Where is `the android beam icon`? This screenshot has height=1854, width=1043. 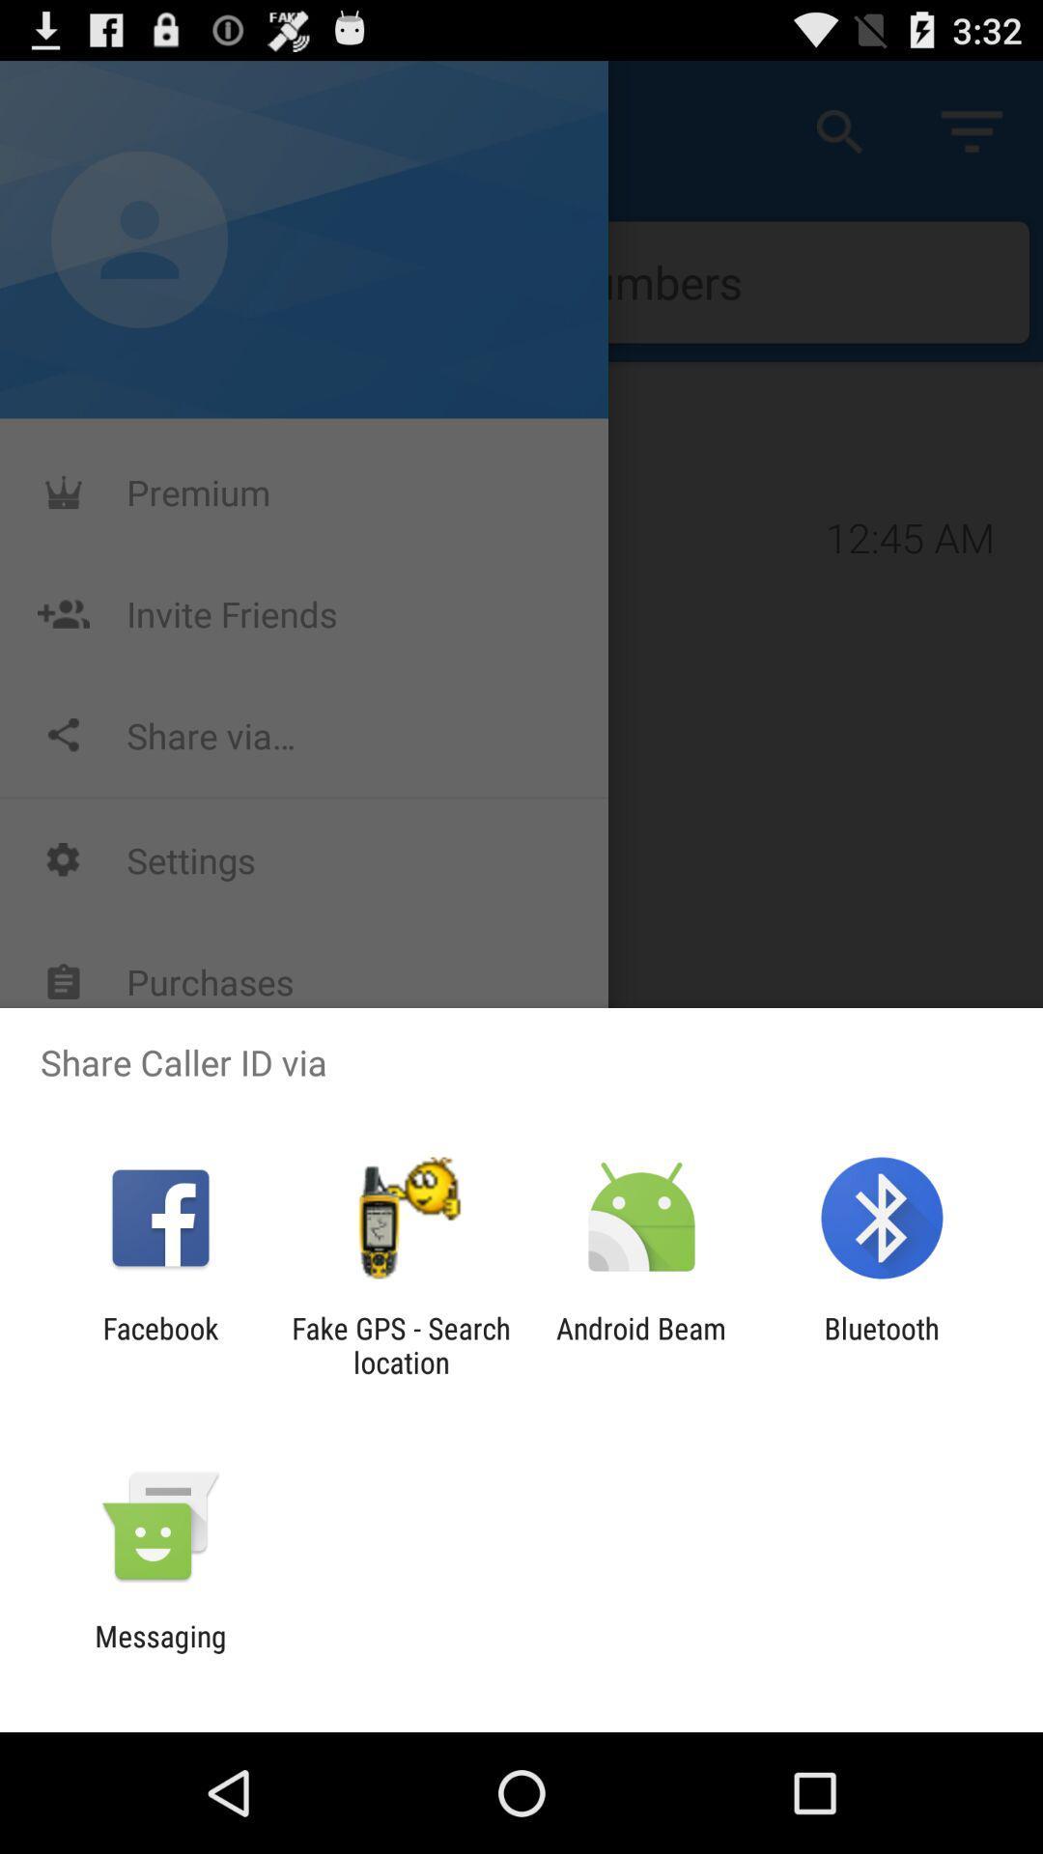 the android beam icon is located at coordinates (641, 1344).